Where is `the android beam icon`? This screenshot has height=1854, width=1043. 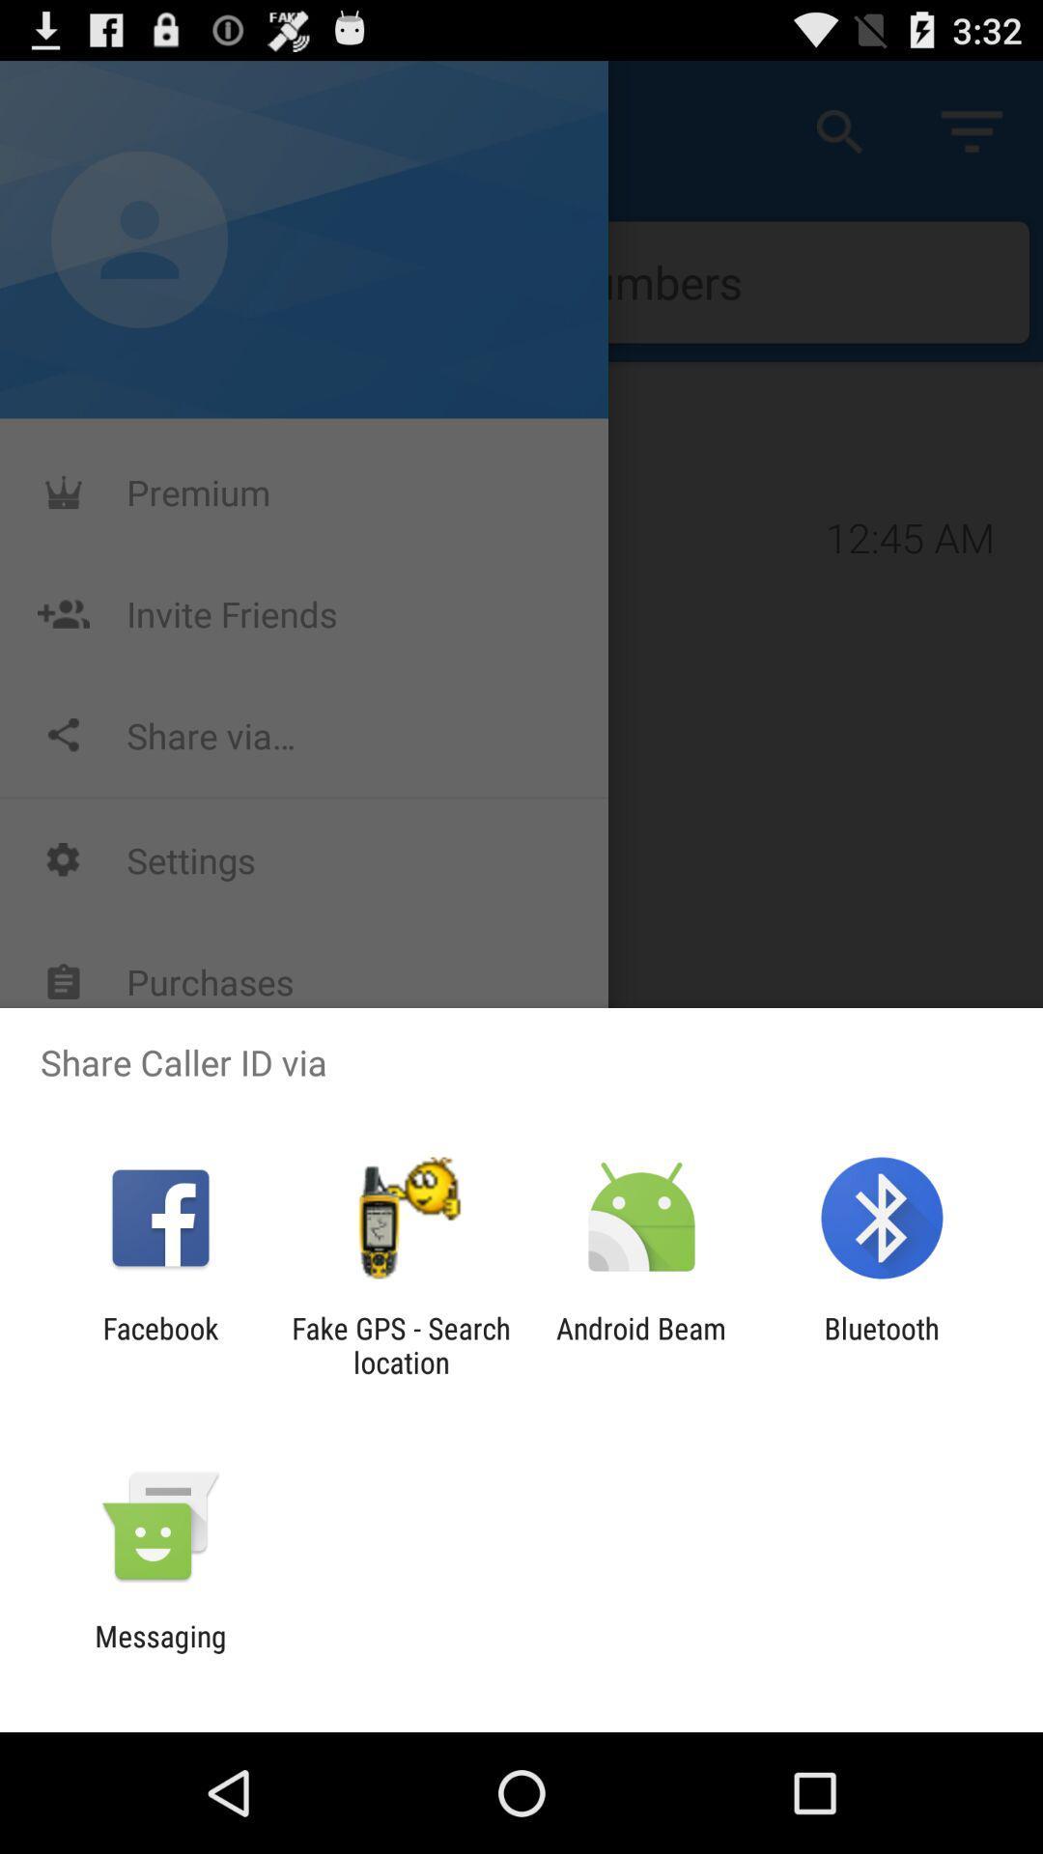 the android beam icon is located at coordinates (641, 1344).